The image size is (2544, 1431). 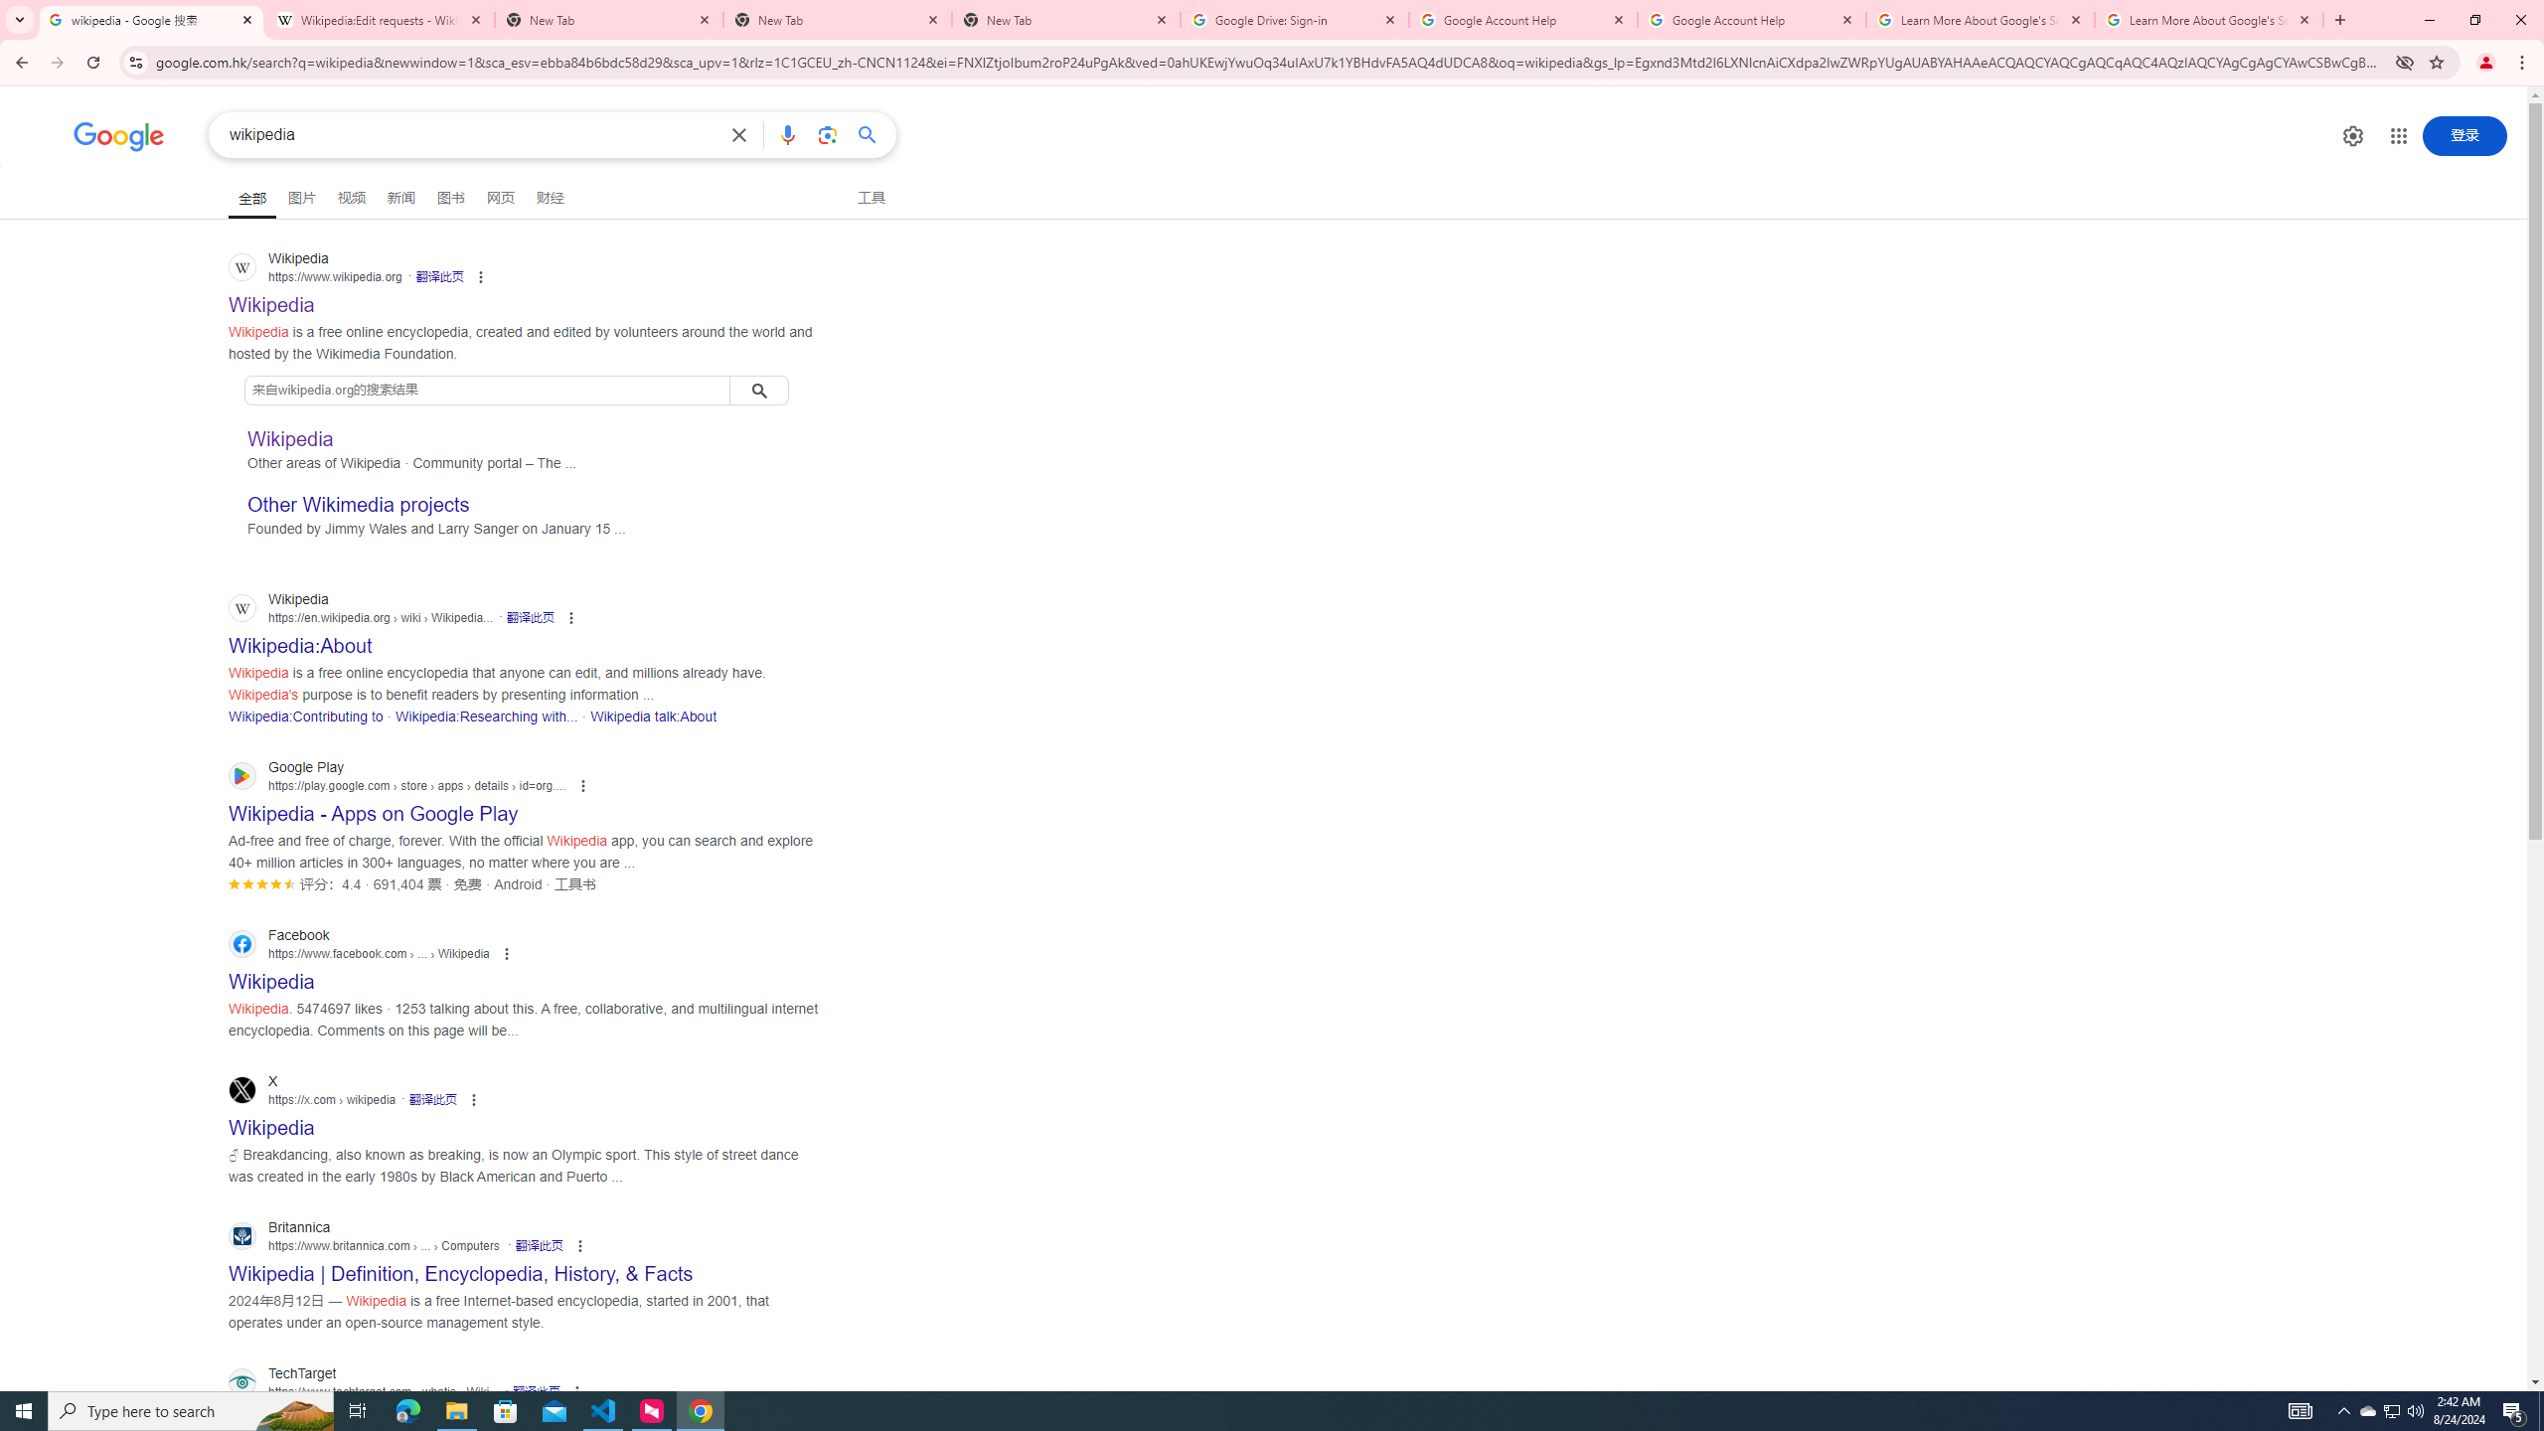 I want to click on 'System', so click(x=11, y=9).